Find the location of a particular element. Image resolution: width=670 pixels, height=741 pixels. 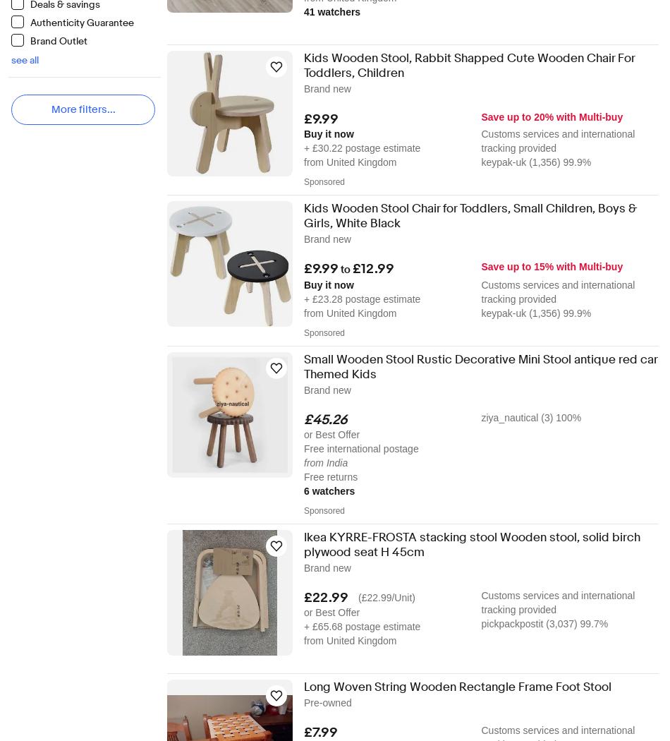

'£22.99' is located at coordinates (325, 598).